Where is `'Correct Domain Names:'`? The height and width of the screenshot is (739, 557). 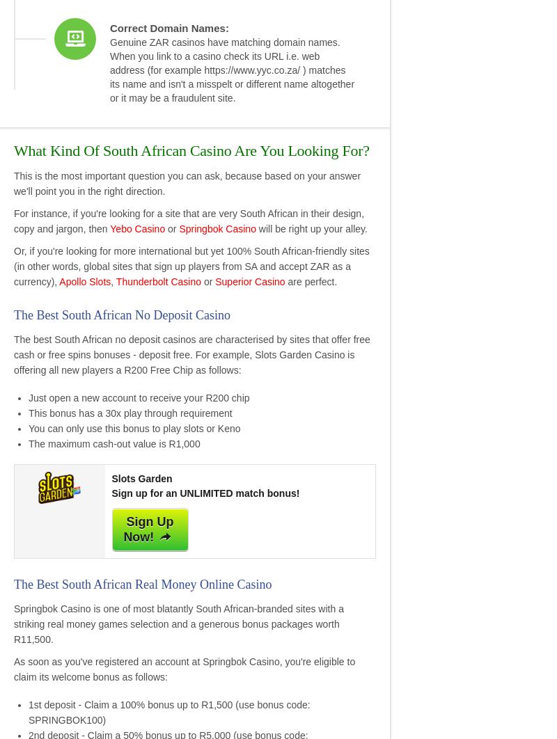 'Correct Domain Names:' is located at coordinates (110, 28).